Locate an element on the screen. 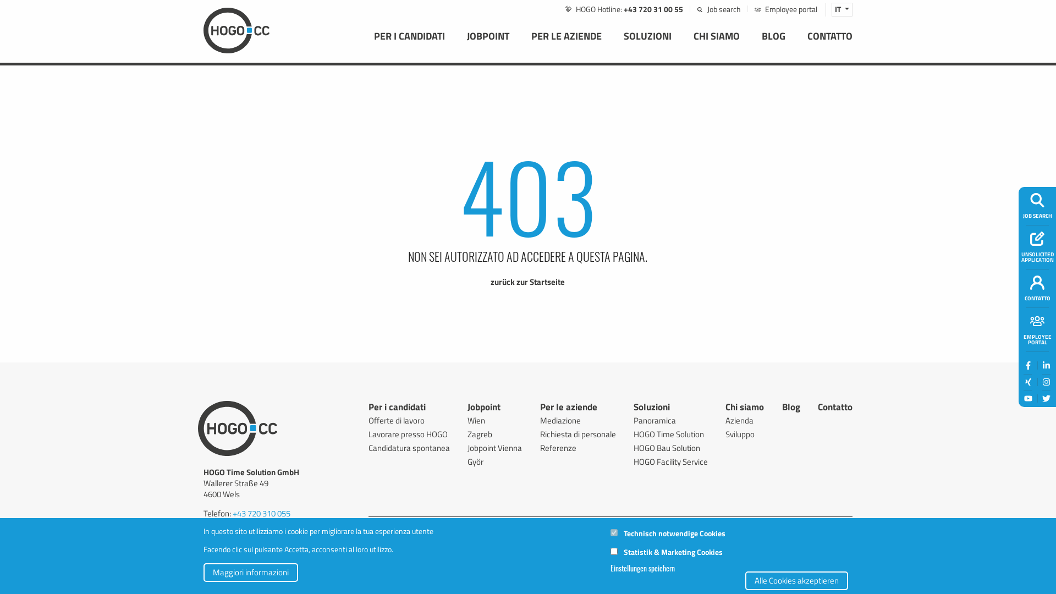  'Sviluppo' is located at coordinates (744, 433).